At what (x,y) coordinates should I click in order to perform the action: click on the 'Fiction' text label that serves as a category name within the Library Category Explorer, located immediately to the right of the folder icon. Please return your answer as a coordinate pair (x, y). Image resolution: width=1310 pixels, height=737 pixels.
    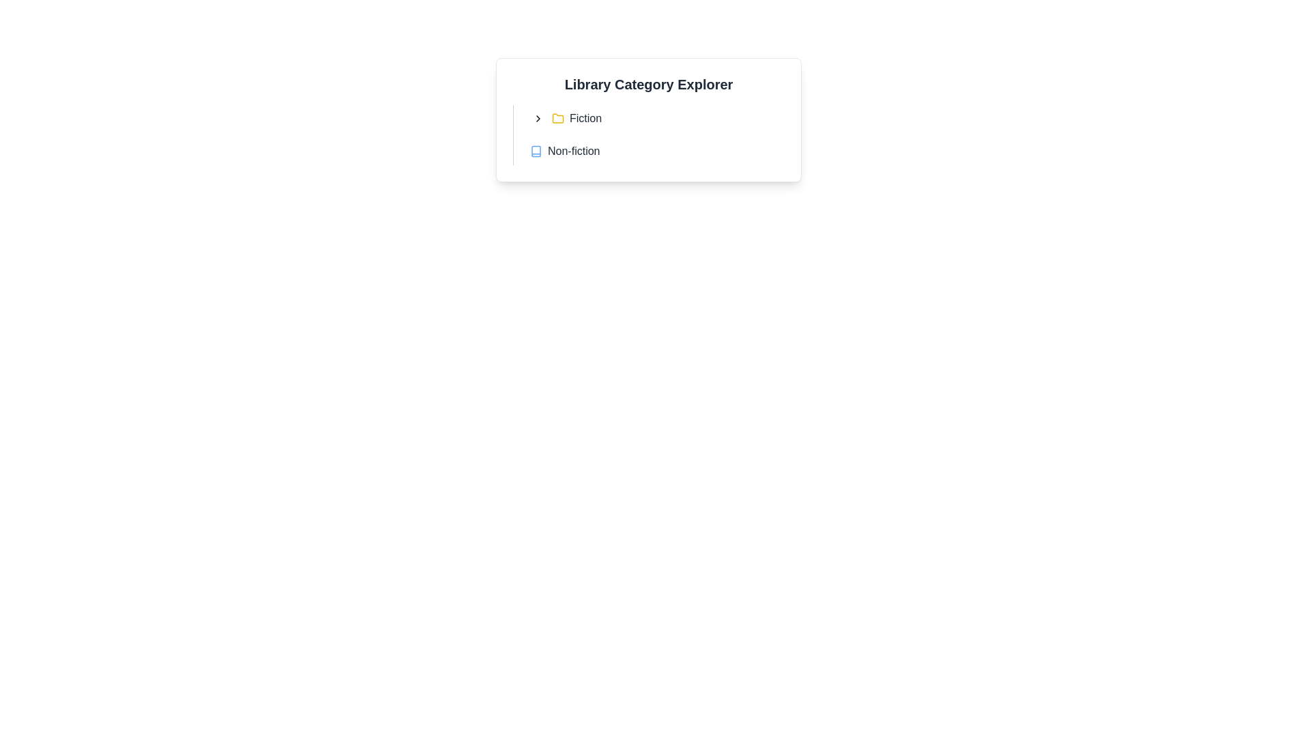
    Looking at the image, I should click on (585, 117).